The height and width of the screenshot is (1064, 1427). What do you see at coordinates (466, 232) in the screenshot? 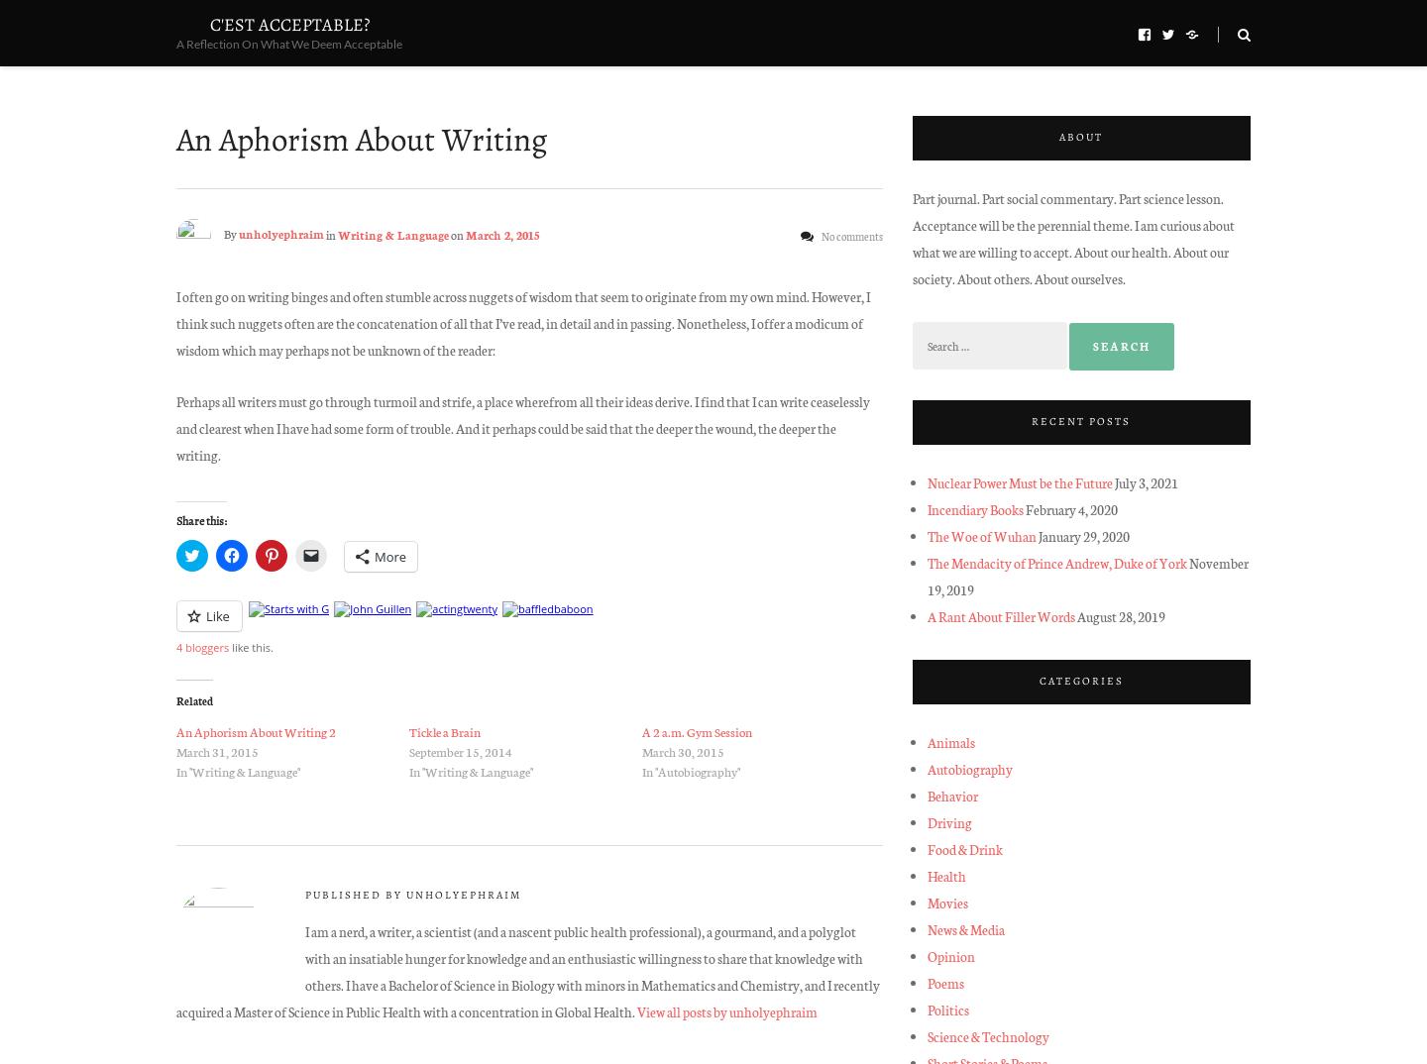
I see `'March 2, 2015'` at bounding box center [466, 232].